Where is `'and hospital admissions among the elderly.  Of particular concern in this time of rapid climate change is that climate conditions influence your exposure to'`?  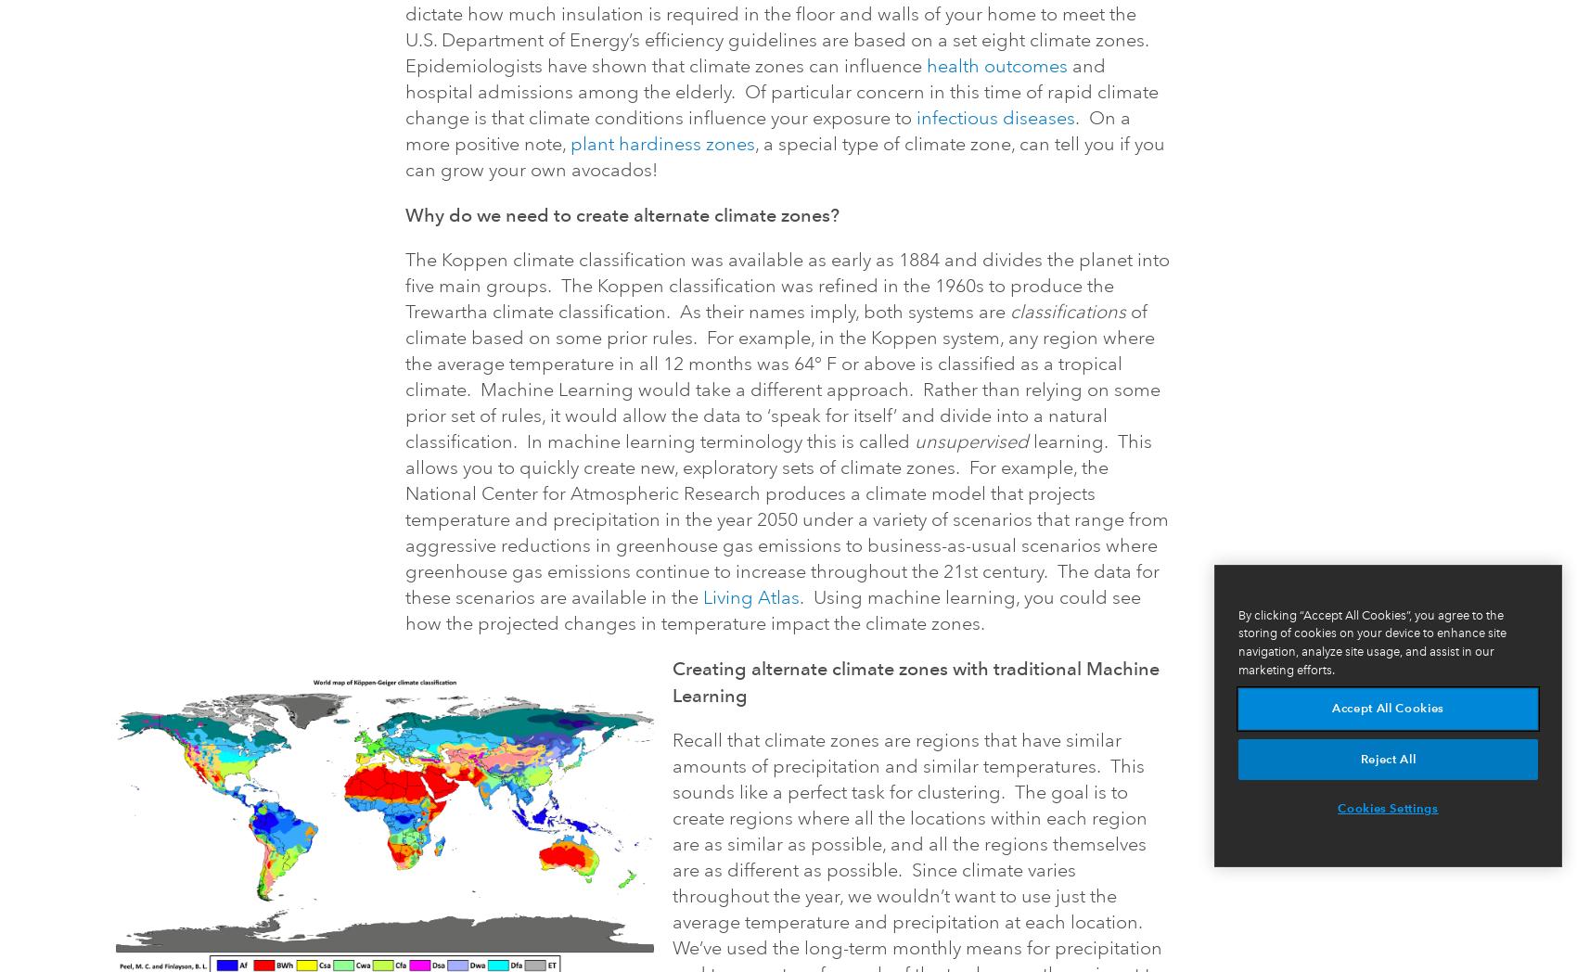 'and hospital admissions among the elderly.  Of particular concern in this time of rapid climate change is that climate conditions influence your exposure to' is located at coordinates (405, 91).